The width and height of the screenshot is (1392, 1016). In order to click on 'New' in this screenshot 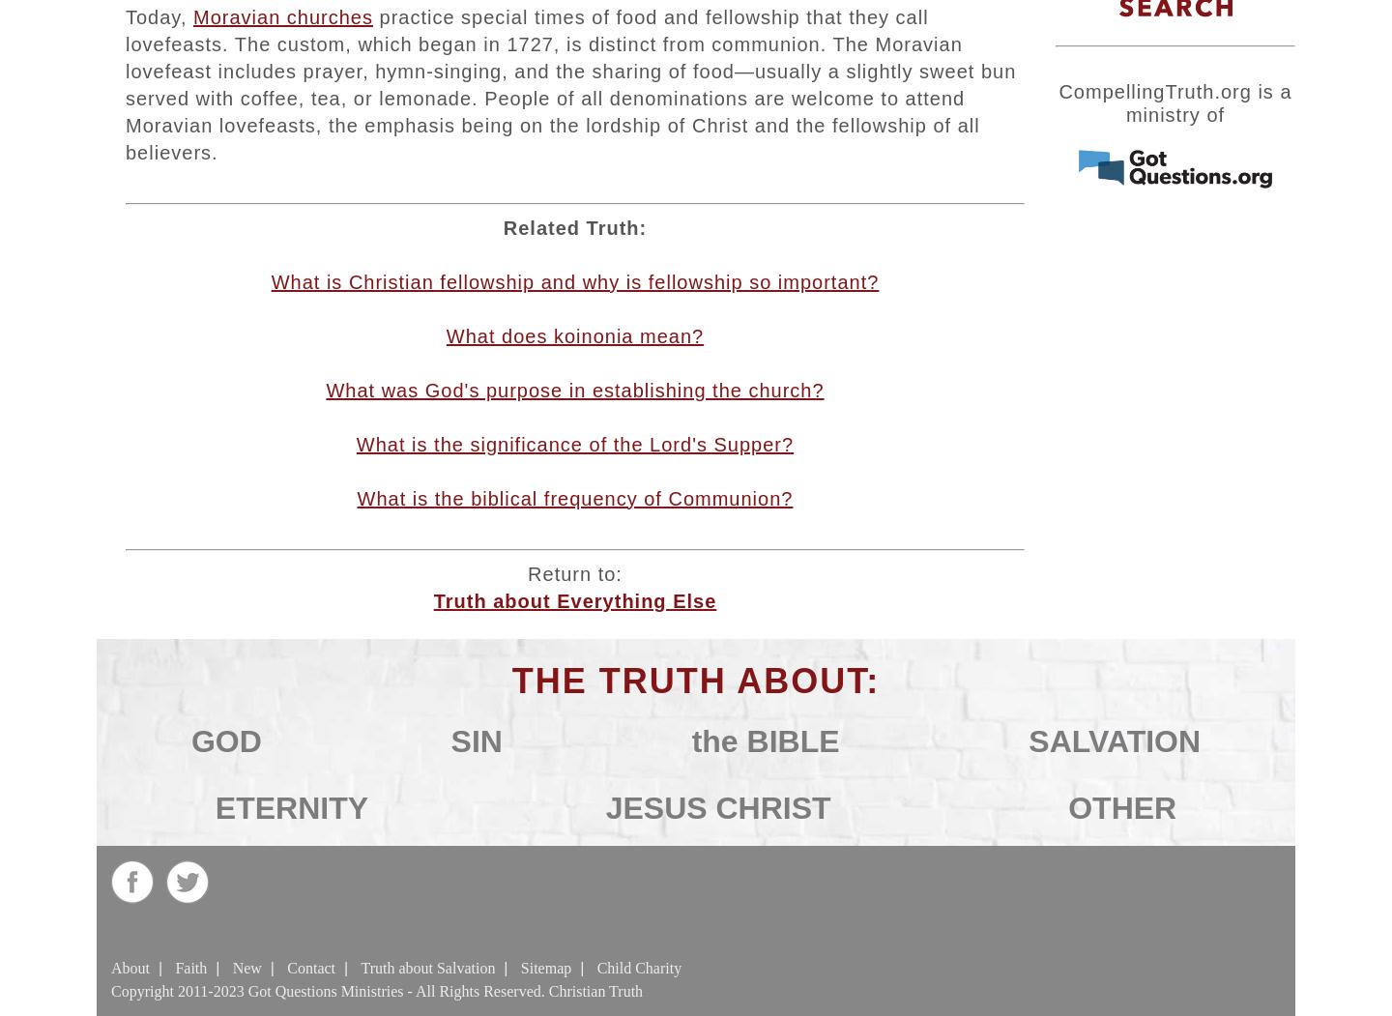, I will do `click(246, 967)`.